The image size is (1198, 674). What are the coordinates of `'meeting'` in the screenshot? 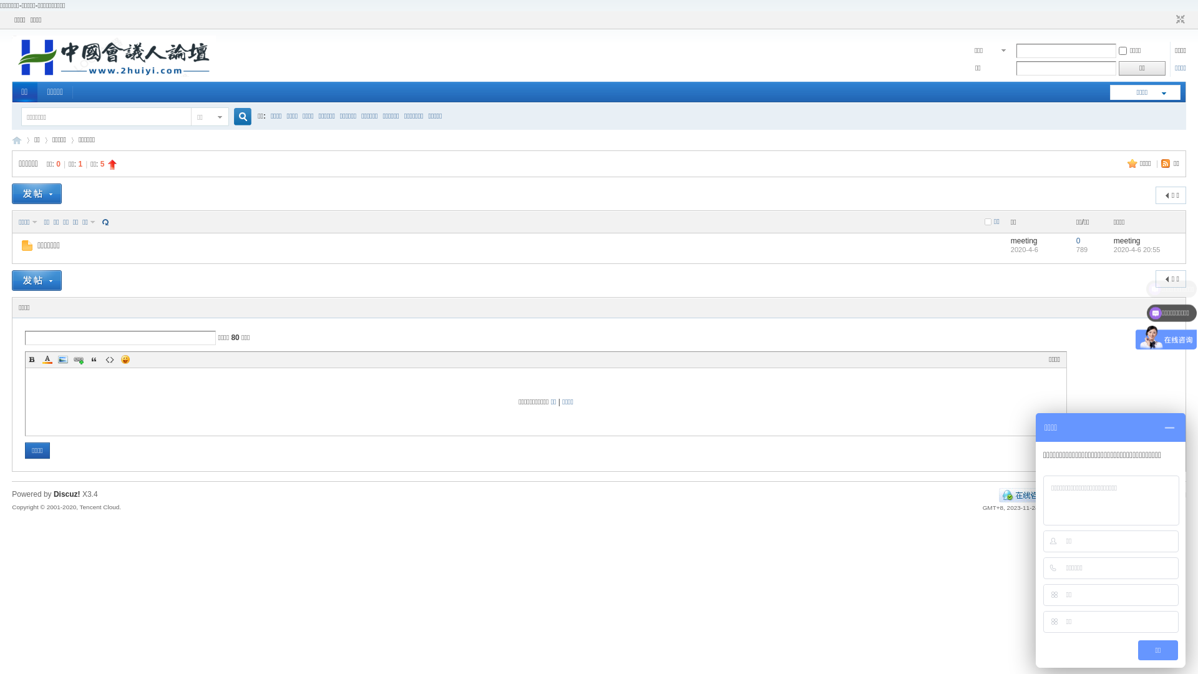 It's located at (1024, 240).